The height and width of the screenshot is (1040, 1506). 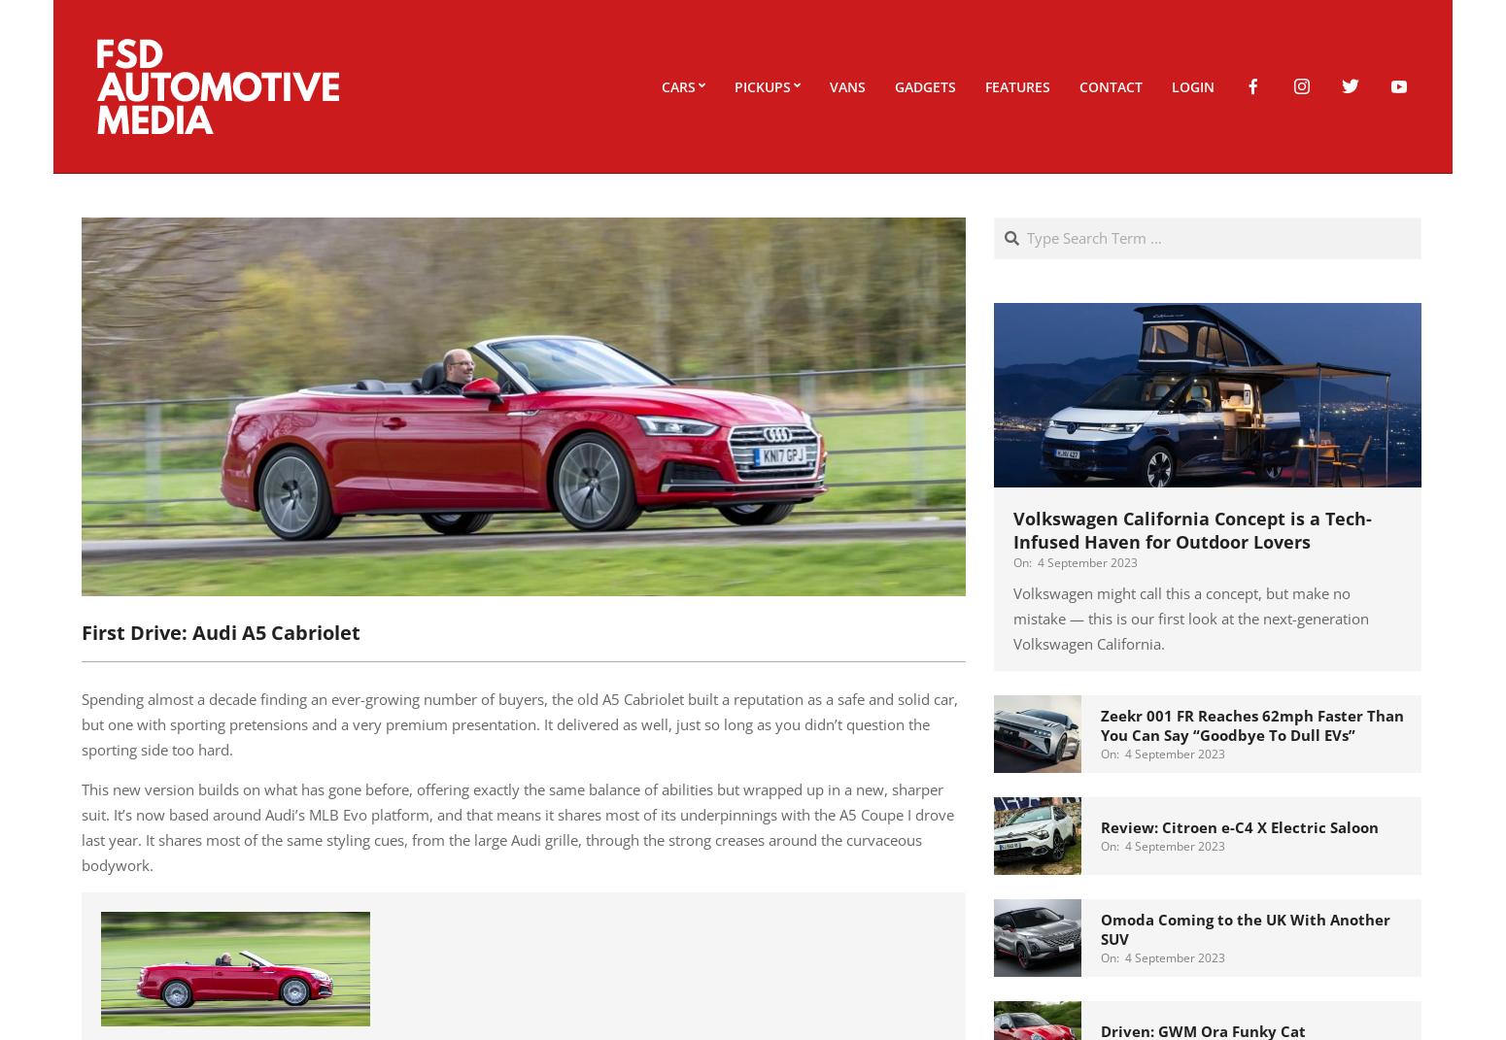 I want to click on 'LOGIN', so click(x=1193, y=85).